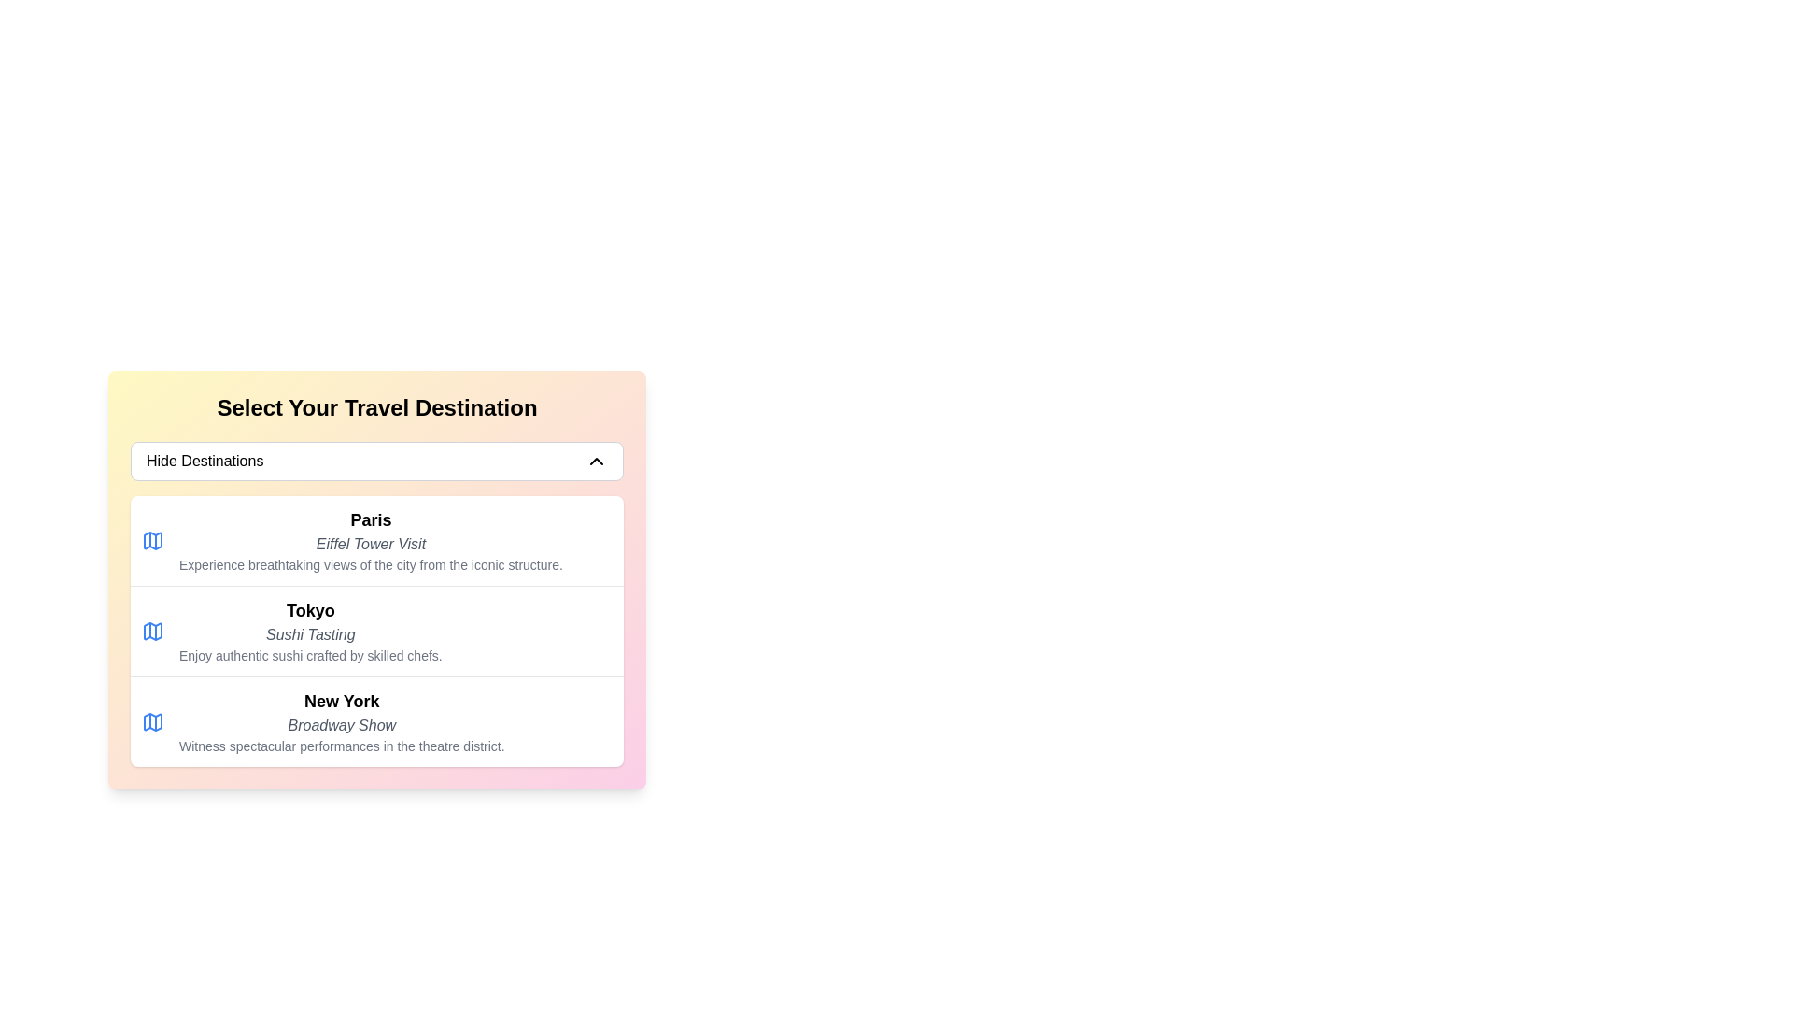 This screenshot has width=1793, height=1009. Describe the element at coordinates (152, 540) in the screenshot. I see `the travel destination icon for Paris, which is located on the left side of the associated text details in the list item` at that location.